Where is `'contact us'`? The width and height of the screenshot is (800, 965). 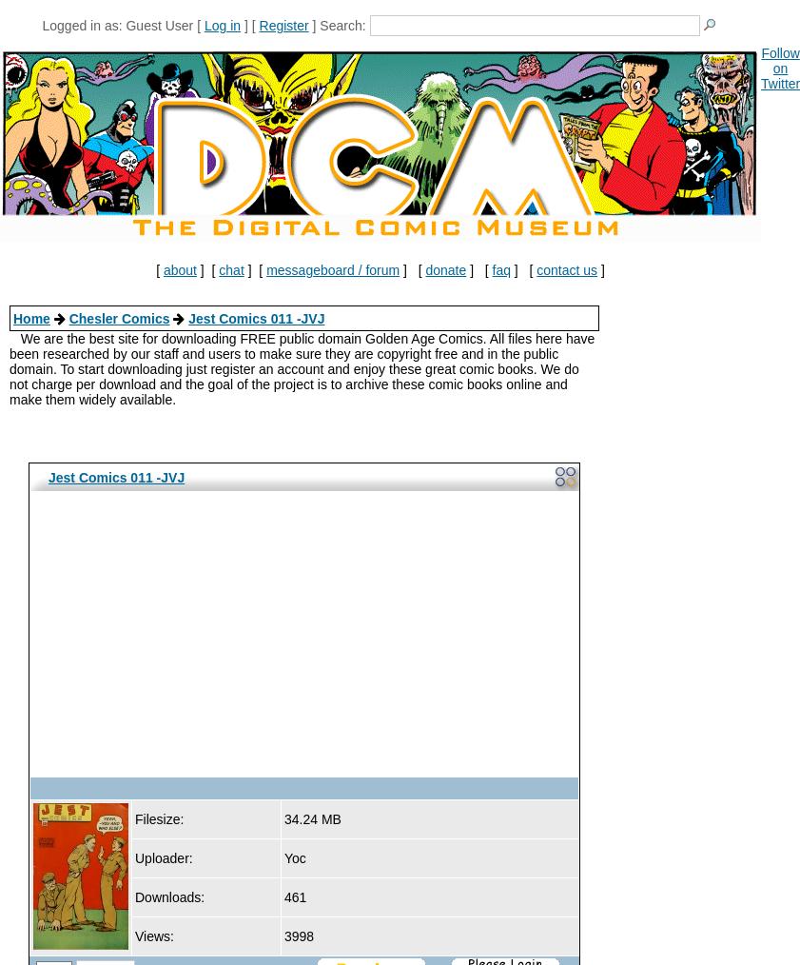 'contact us' is located at coordinates (567, 270).